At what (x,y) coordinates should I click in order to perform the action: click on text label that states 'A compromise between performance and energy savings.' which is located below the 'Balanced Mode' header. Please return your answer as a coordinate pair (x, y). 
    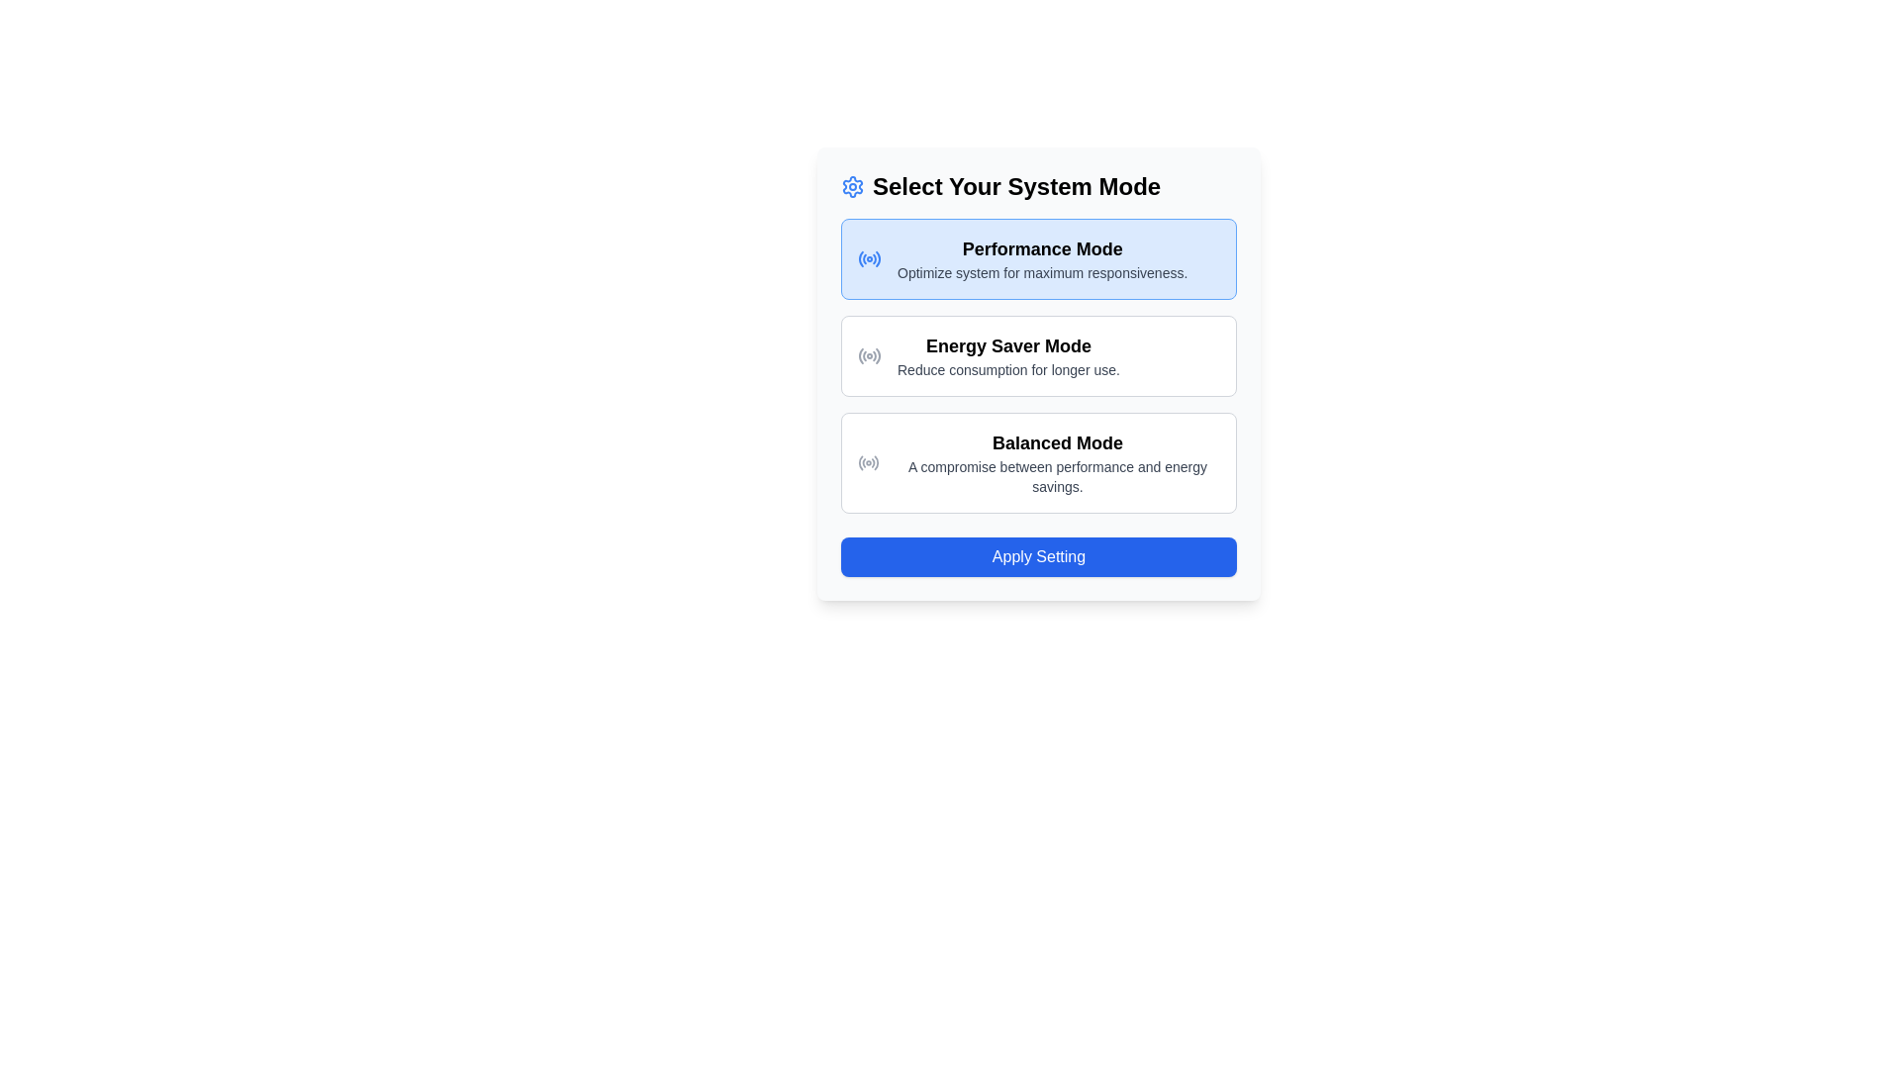
    Looking at the image, I should click on (1057, 477).